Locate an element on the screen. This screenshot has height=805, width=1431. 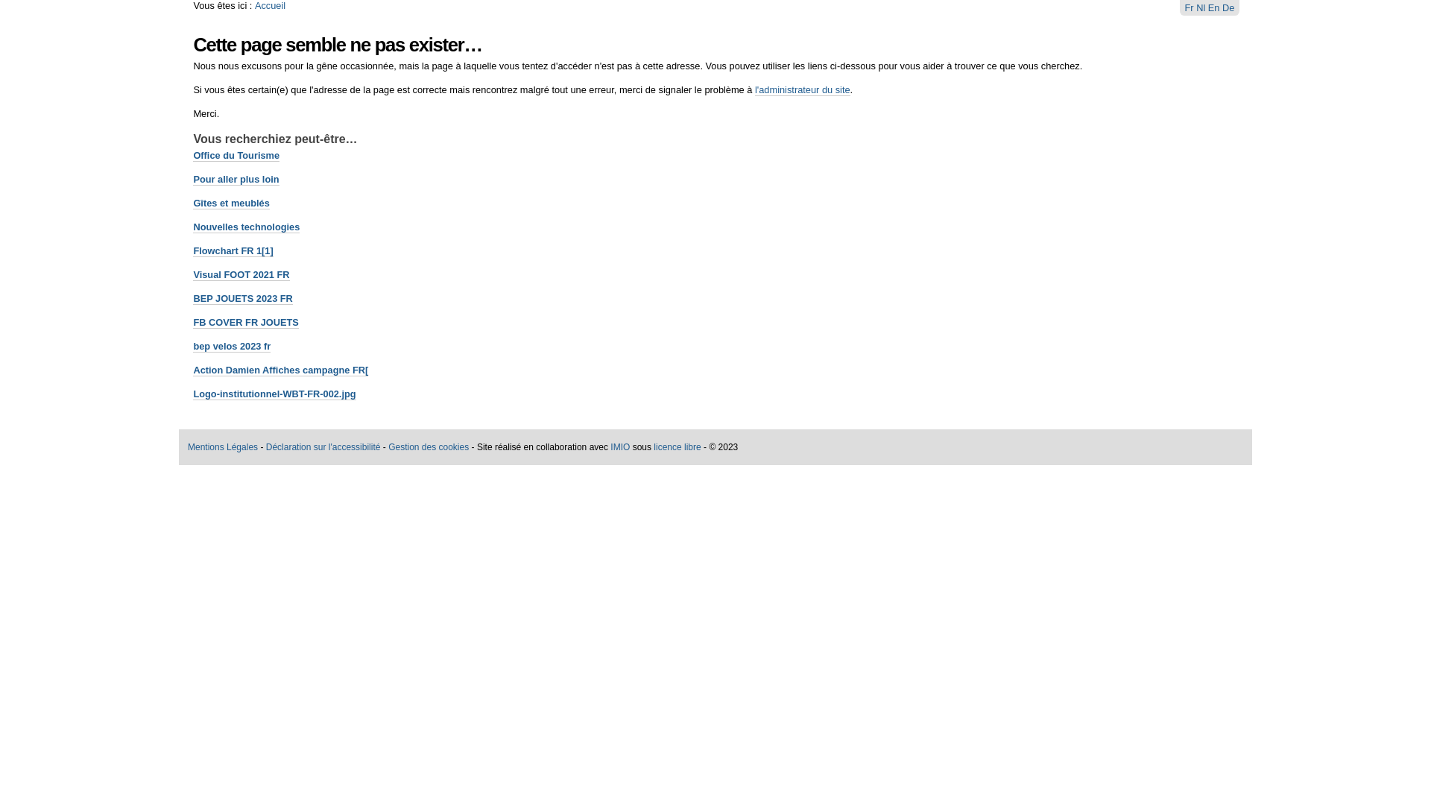
'FB COVER FR JOUETS' is located at coordinates (192, 321).